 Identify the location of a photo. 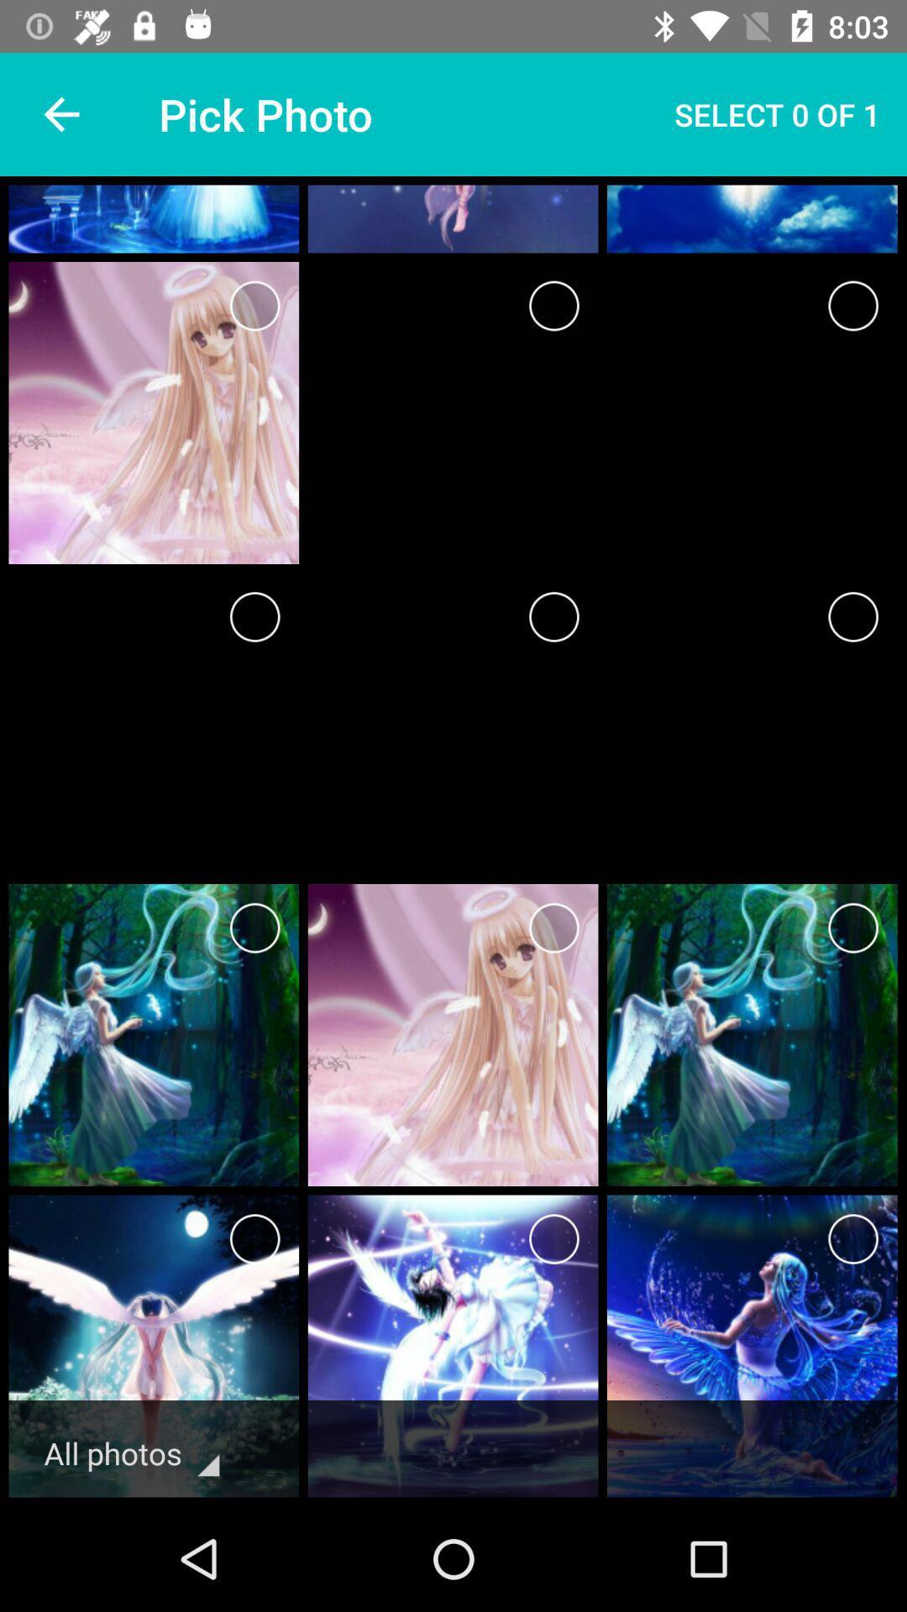
(853, 1239).